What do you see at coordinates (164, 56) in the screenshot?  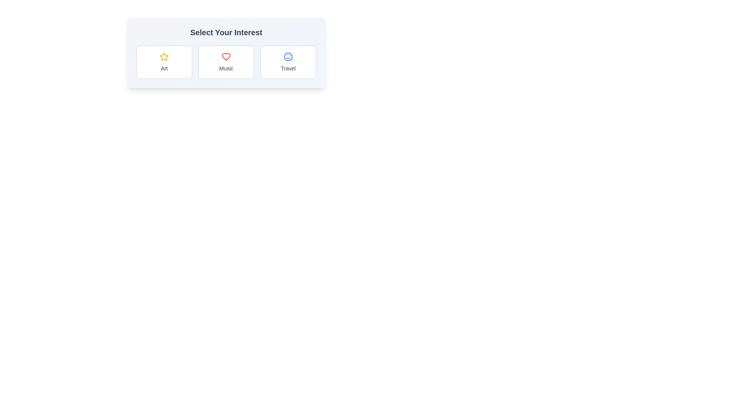 I see `the state of the star-shaped SVG icon with a yellow outline, located within the 'Art' button group, positioned above the label 'Art'` at bounding box center [164, 56].